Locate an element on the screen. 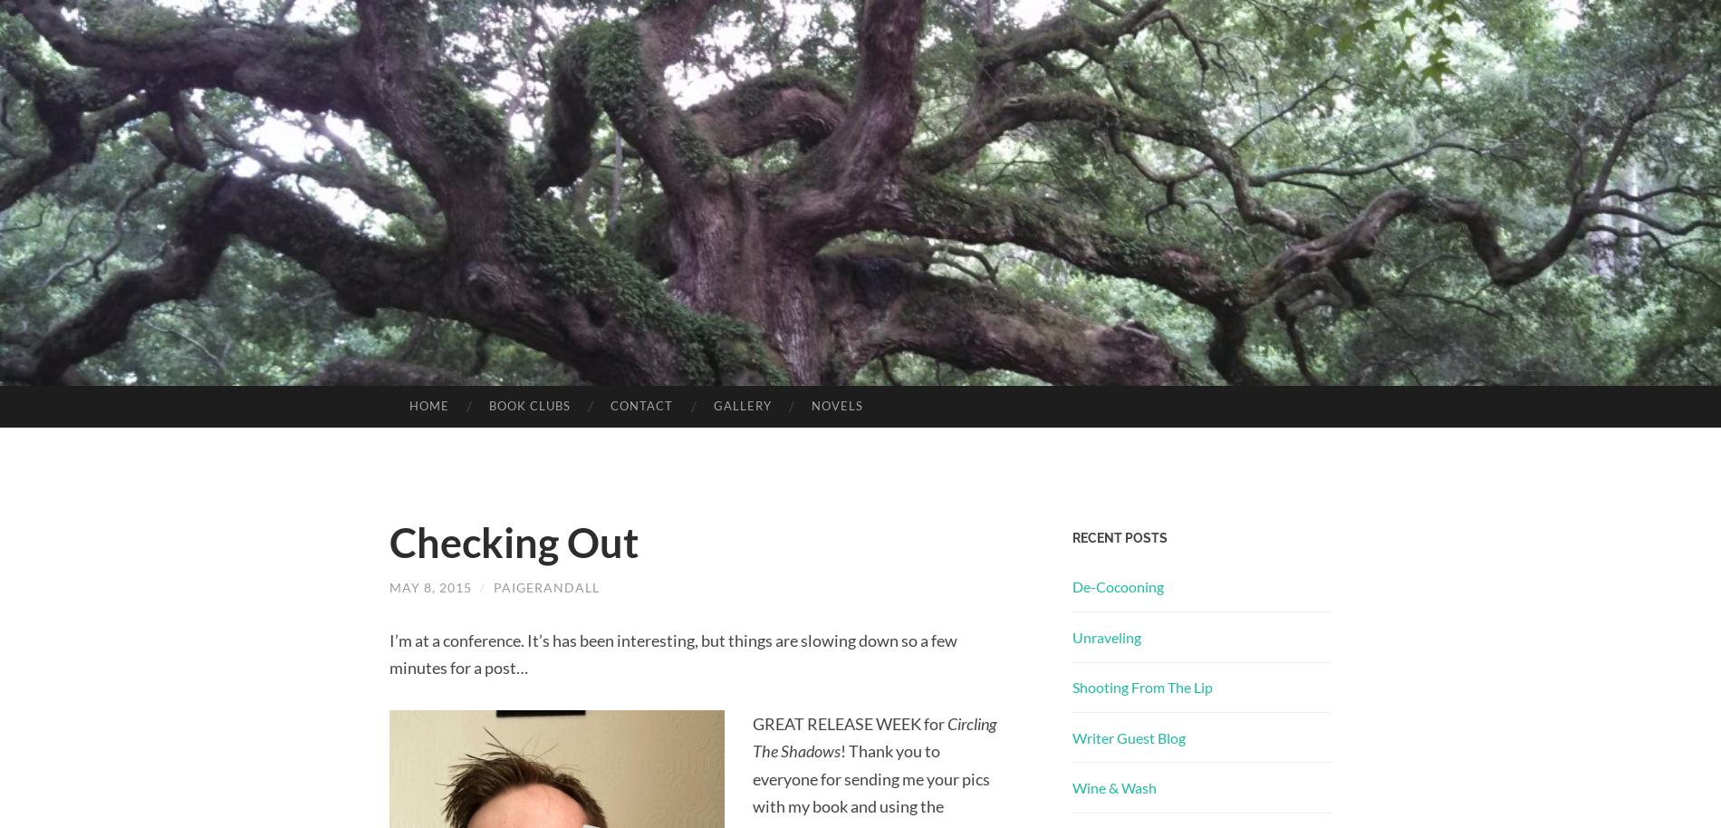 The height and width of the screenshot is (828, 1721). 'Writer Guest Blog' is located at coordinates (1072, 736).